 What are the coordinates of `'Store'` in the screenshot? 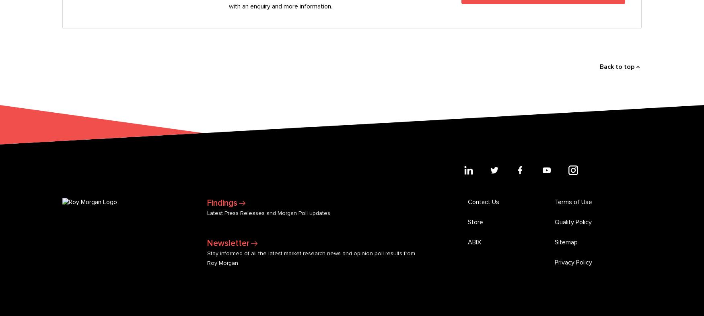 It's located at (475, 85).